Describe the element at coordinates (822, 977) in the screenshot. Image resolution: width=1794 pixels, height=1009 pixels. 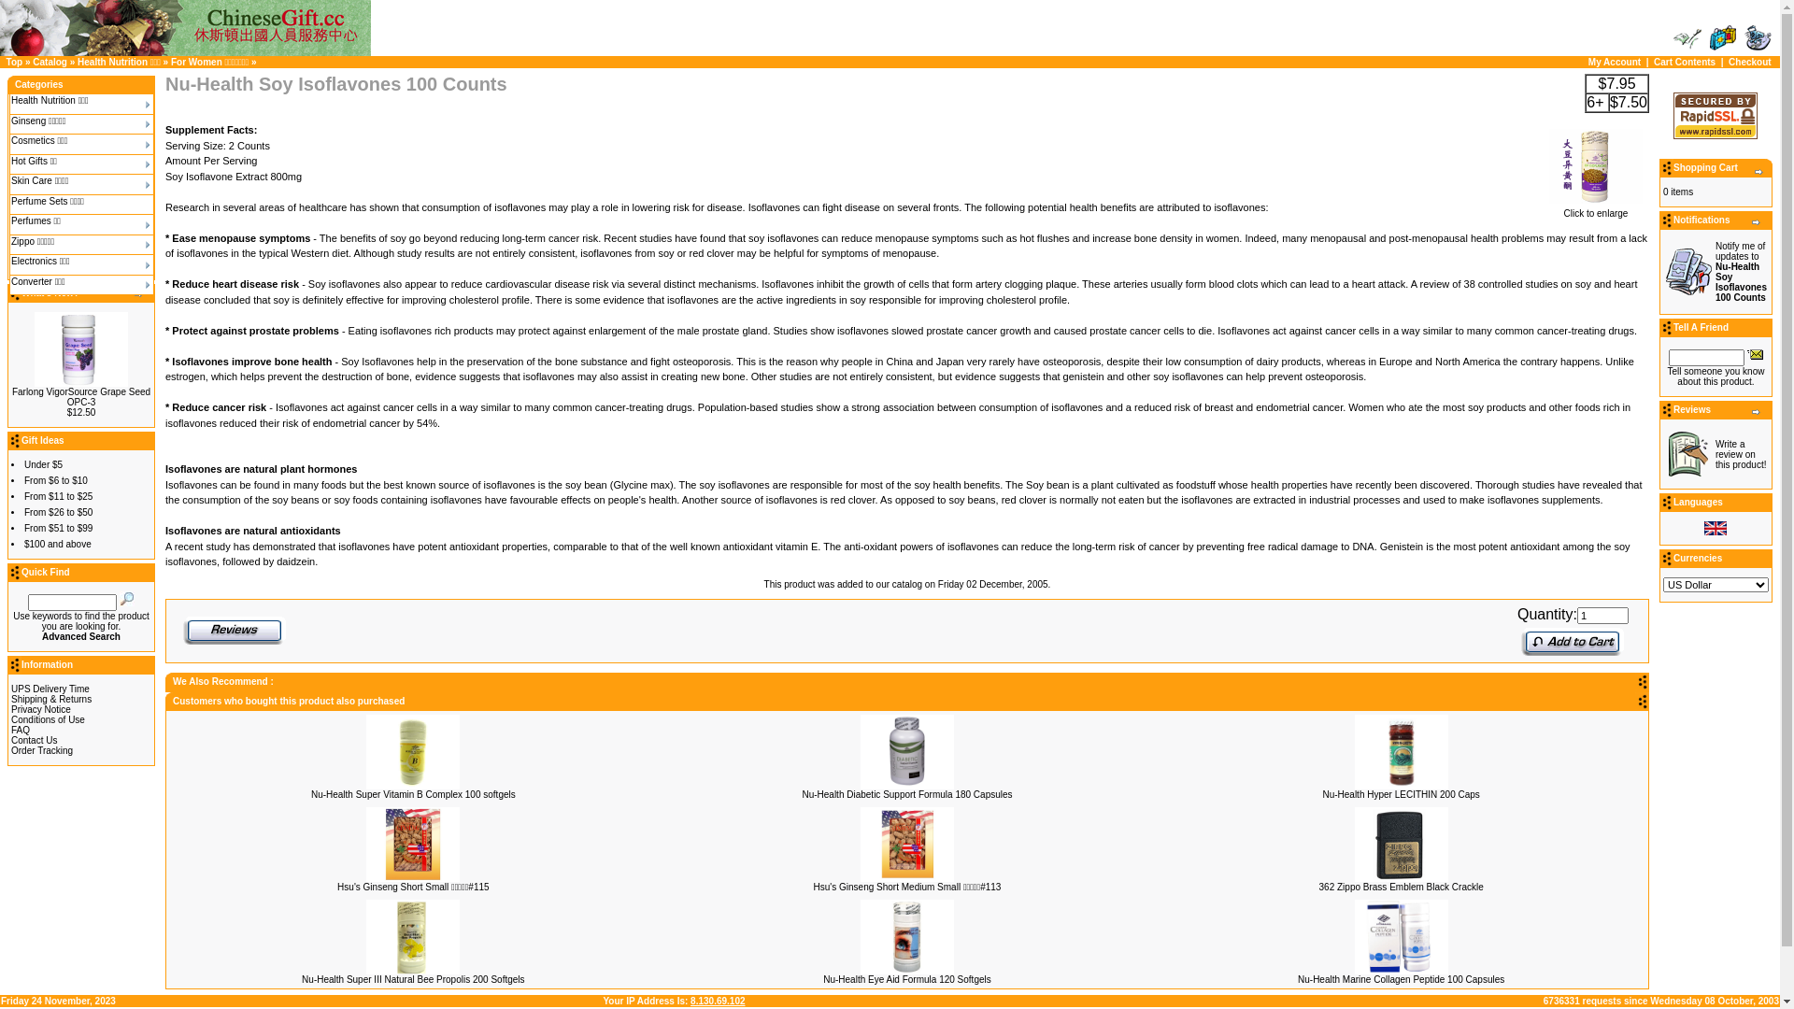
I see `'Nu-Health Eye Aid Formula 120 Softgels'` at that location.